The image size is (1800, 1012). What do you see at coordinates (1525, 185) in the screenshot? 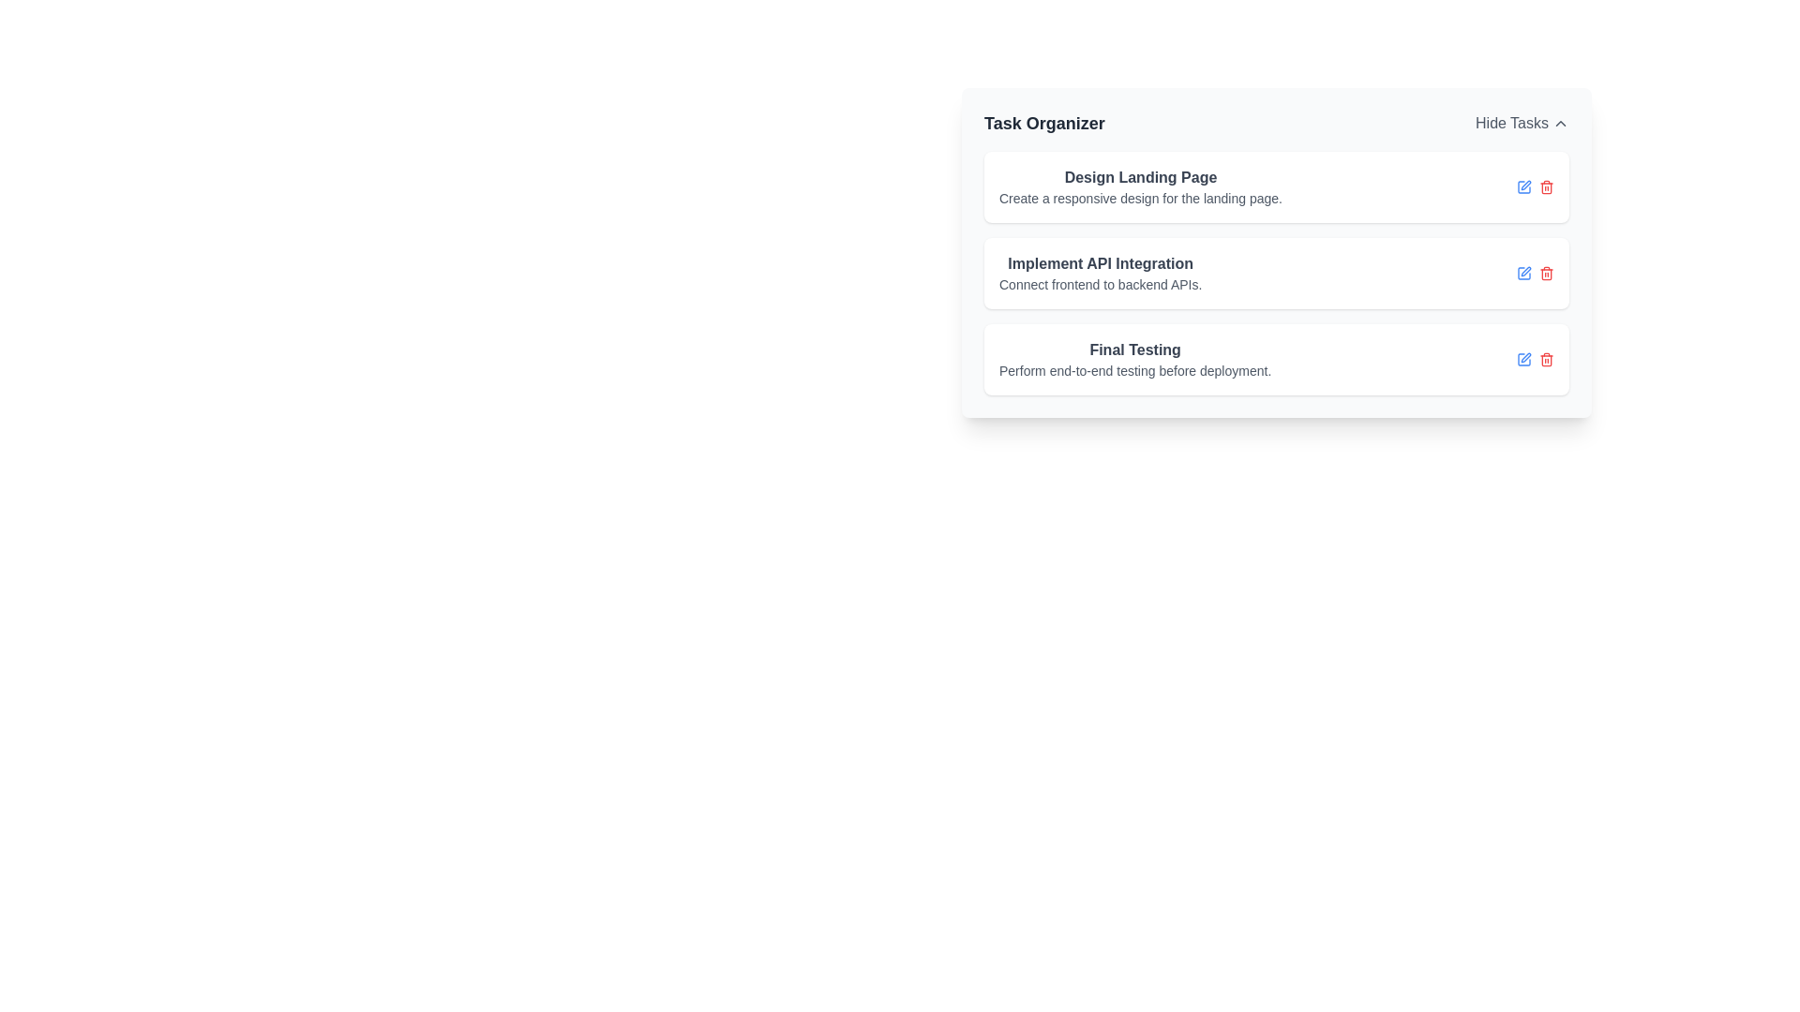
I see `the edit icon resembling a pen located within the 'Task Organizer' widget, to the right of the 'Design Landing Page' task title, to initiate editing of the associated task` at bounding box center [1525, 185].